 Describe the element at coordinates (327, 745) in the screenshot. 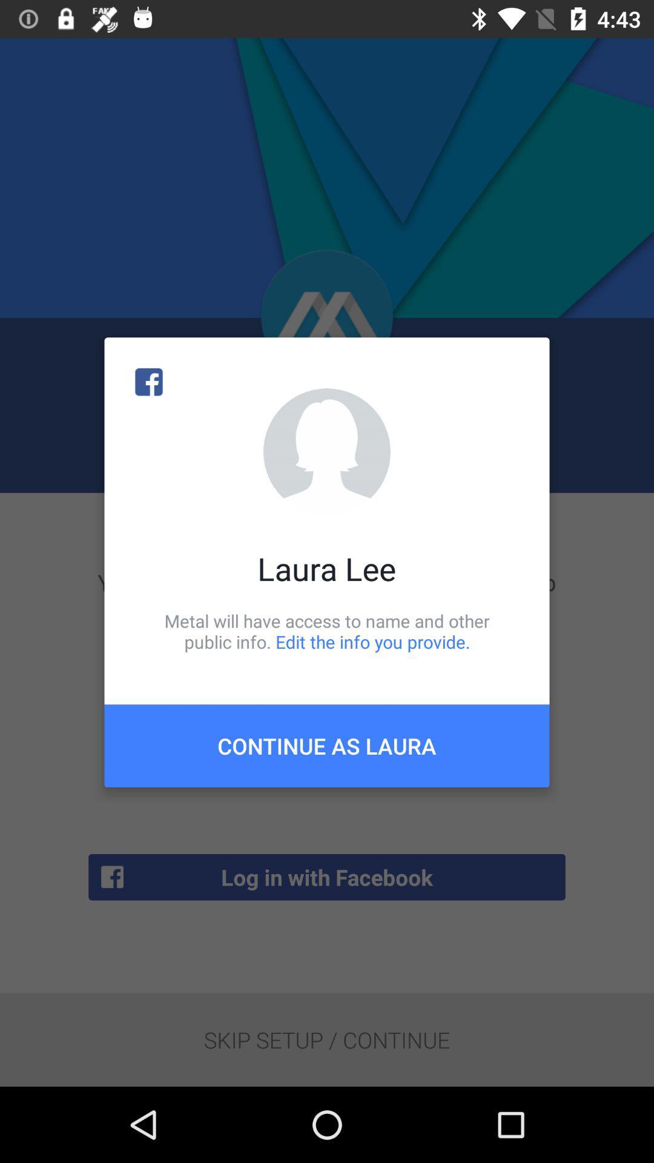

I see `item below metal will have item` at that location.